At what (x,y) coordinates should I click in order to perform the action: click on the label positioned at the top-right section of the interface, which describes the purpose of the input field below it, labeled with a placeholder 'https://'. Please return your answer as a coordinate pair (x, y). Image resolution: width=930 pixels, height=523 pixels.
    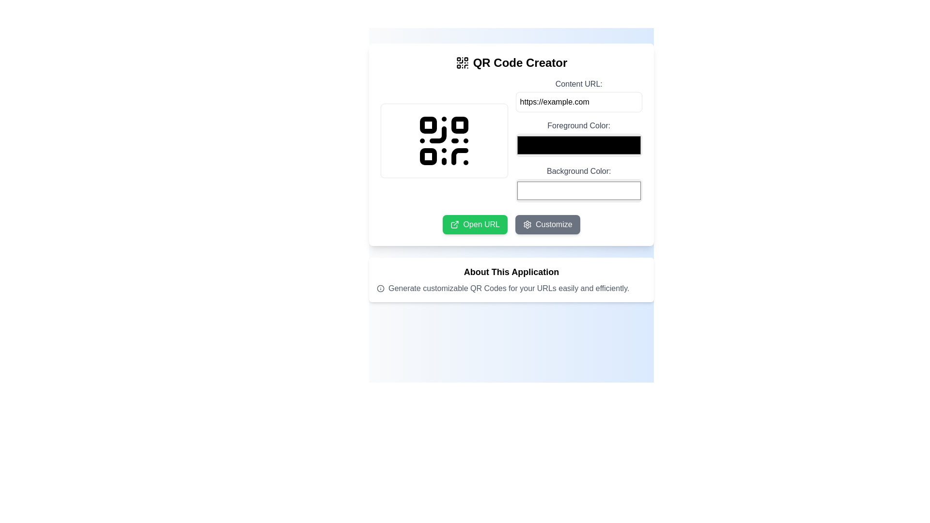
    Looking at the image, I should click on (579, 83).